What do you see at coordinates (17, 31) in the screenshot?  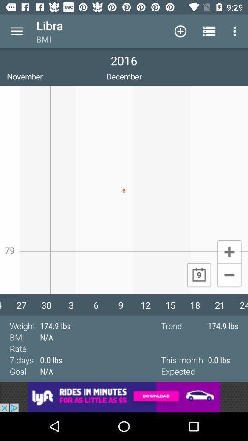 I see `menu options` at bounding box center [17, 31].